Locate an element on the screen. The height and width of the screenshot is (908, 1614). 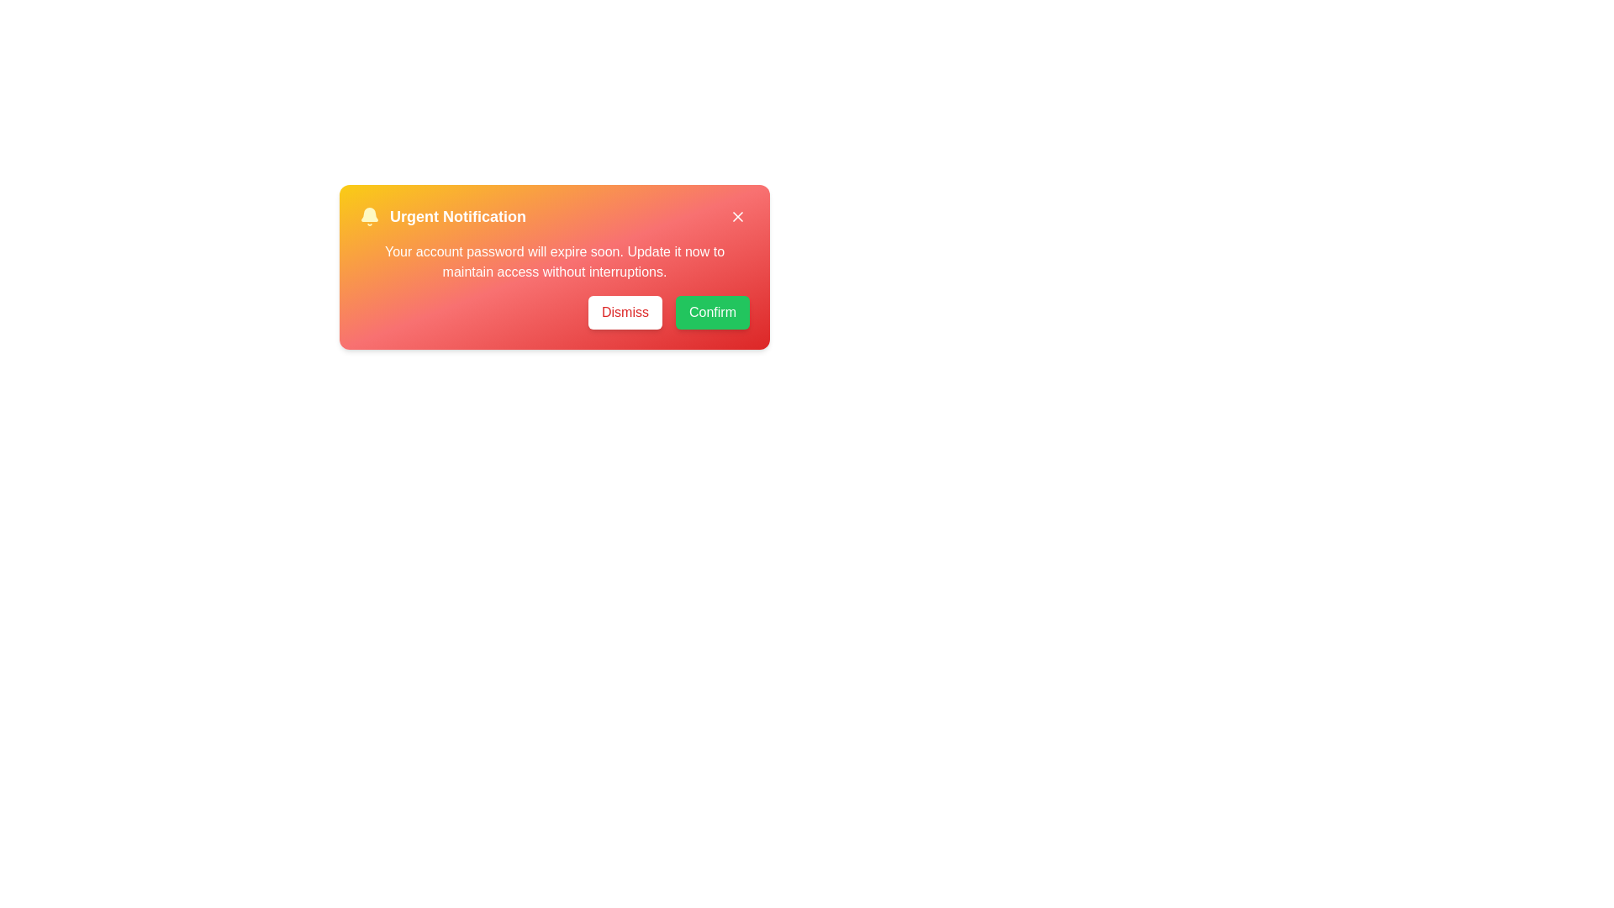
the 'Dismiss' button to dismiss the alert is located at coordinates (625, 312).